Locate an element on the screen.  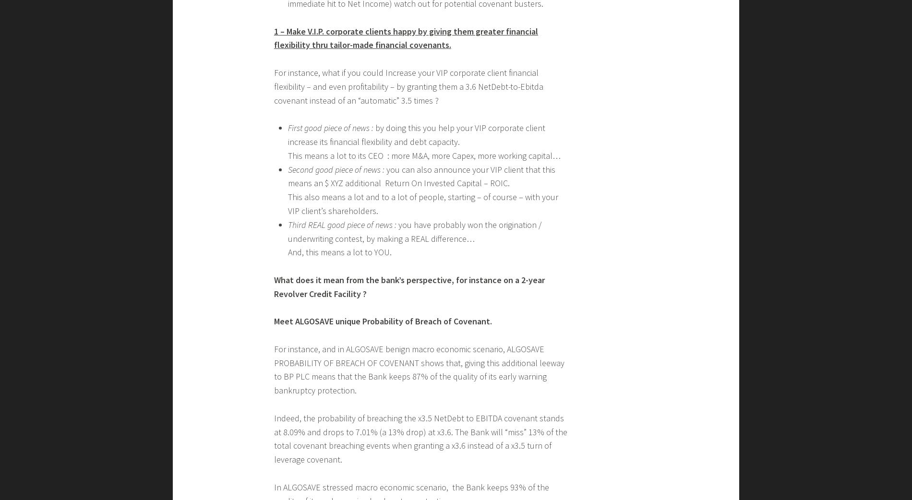
'While, at the same time (since breaching a covenant means an IFRS9-related immediate hit to Net Income) watch out for potential covenant busters.' is located at coordinates (288, 393).